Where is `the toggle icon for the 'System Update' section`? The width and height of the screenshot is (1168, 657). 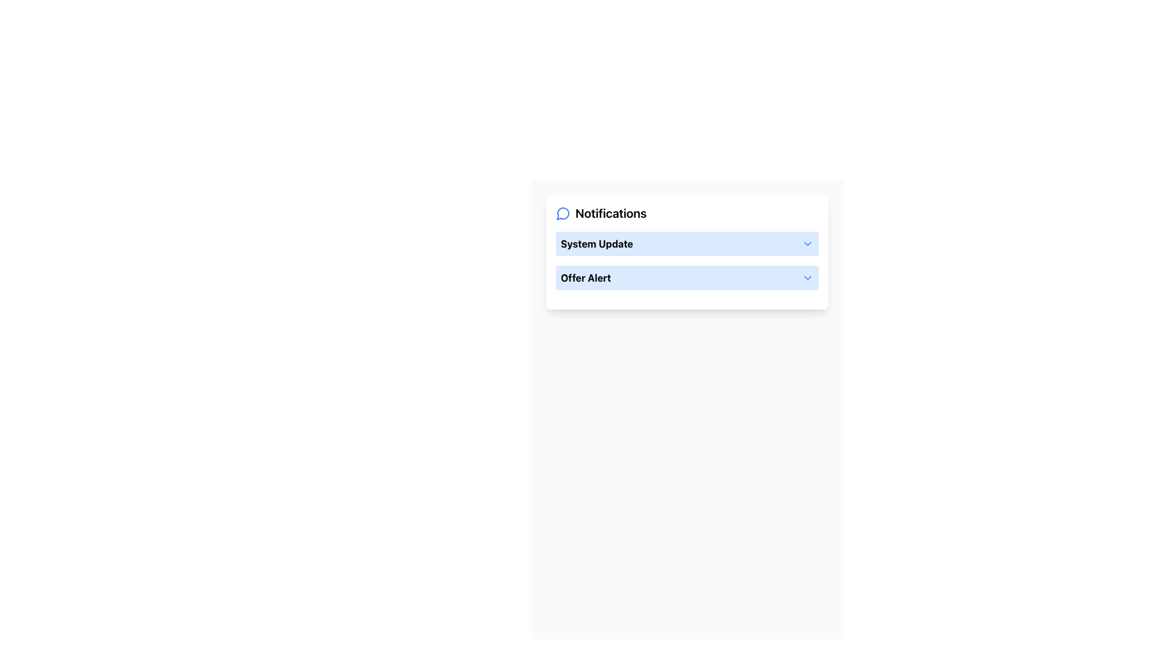 the toggle icon for the 'System Update' section is located at coordinates (808, 244).